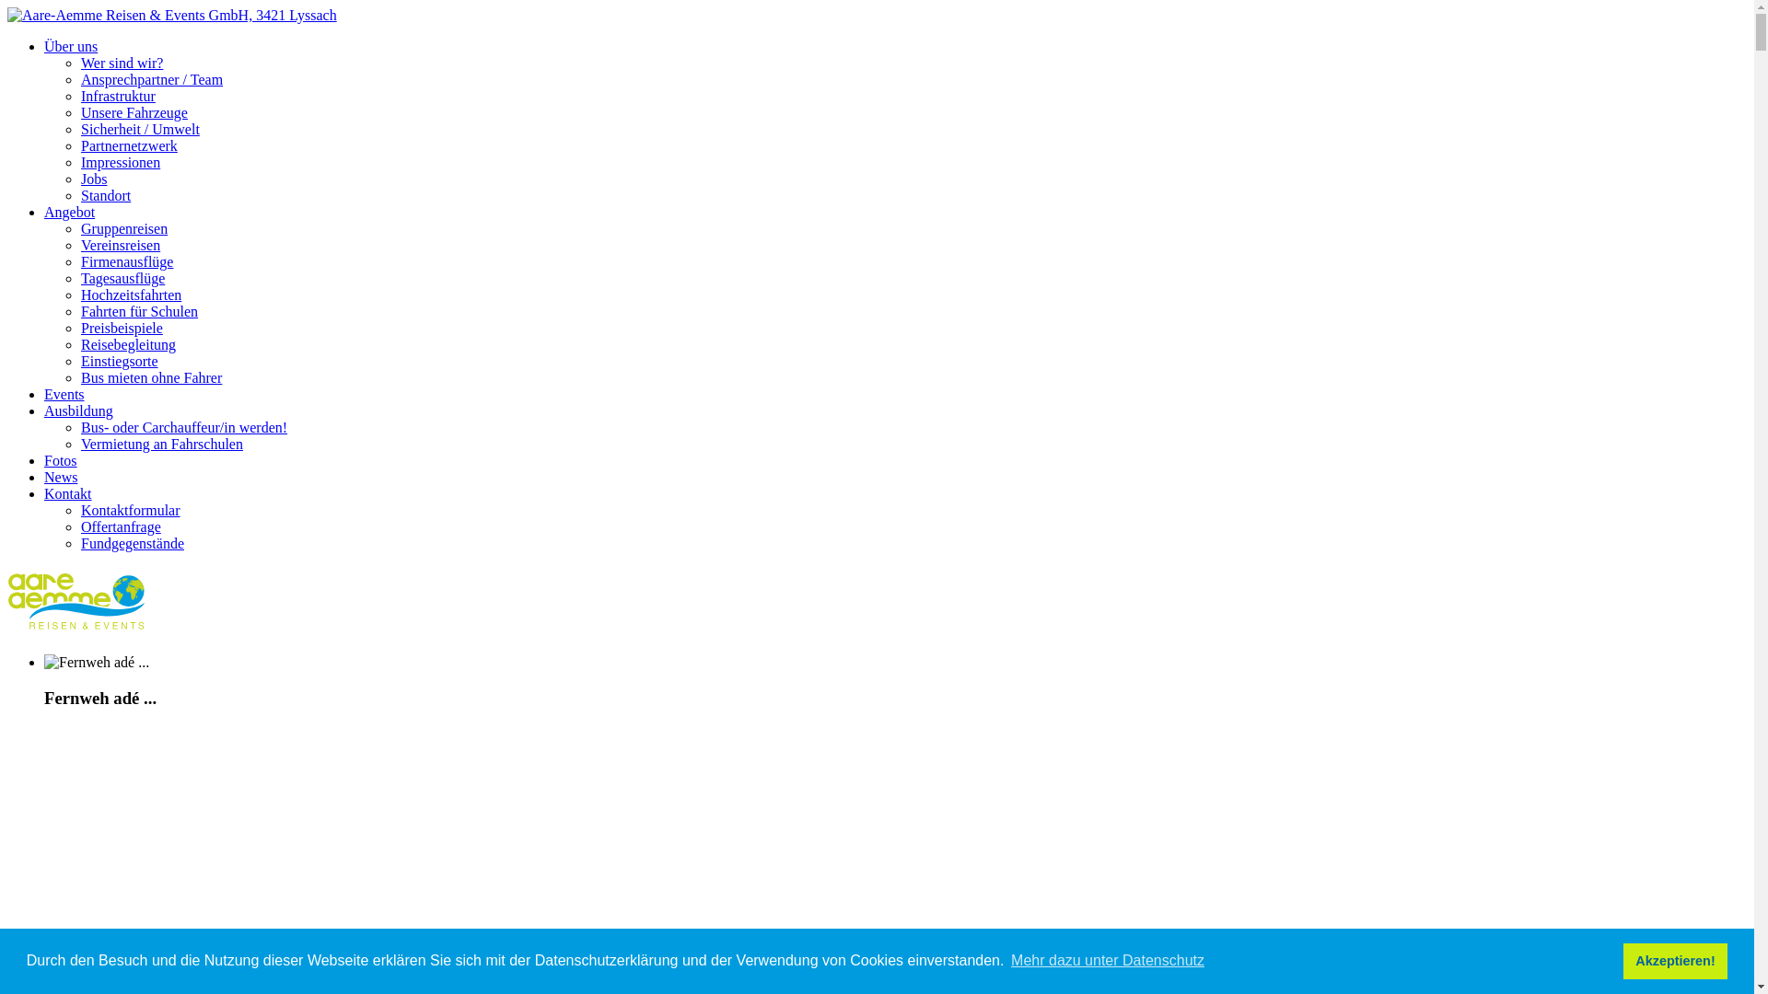 Image resolution: width=1768 pixels, height=994 pixels. I want to click on 'Kontaktformular', so click(130, 510).